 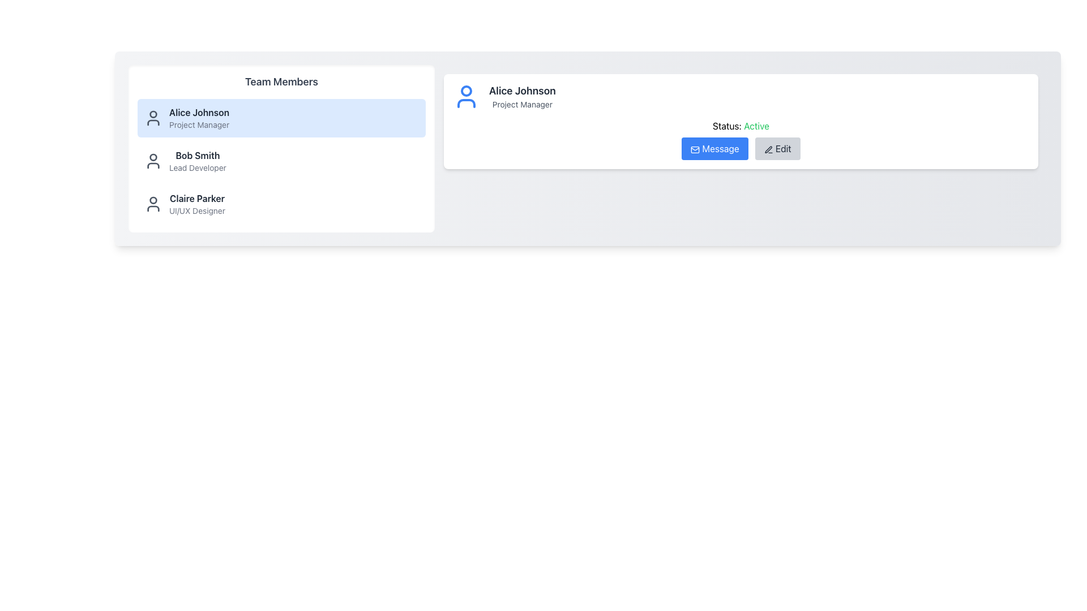 What do you see at coordinates (198, 161) in the screenshot?
I see `the Label displaying 'Bob Smith' and 'Lead Developer', which is the second item in the 'Team Members' section` at bounding box center [198, 161].